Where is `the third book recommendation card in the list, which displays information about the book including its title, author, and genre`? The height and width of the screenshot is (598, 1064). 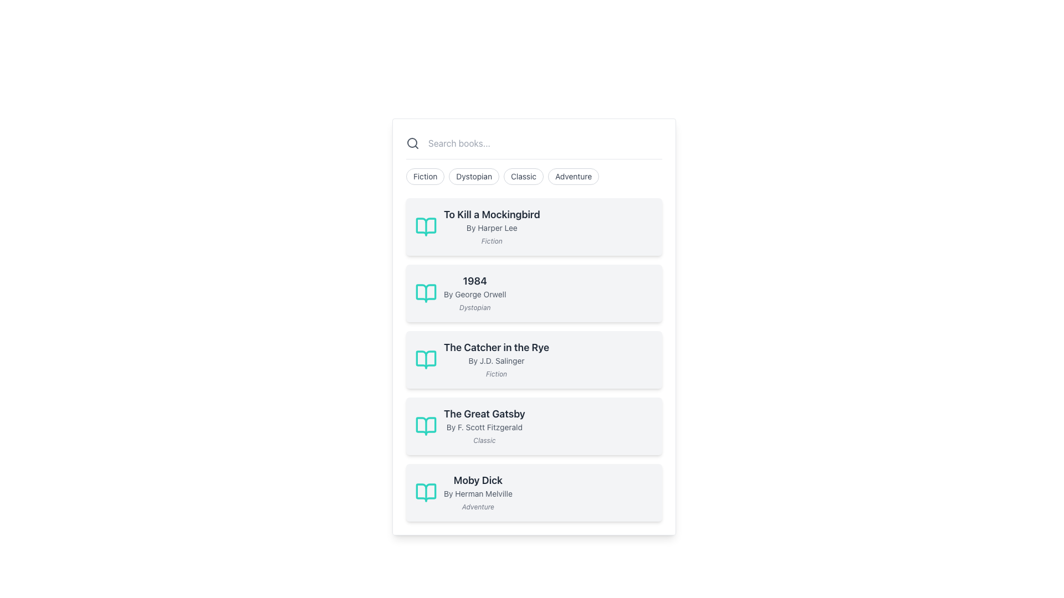
the third book recommendation card in the list, which displays information about the book including its title, author, and genre is located at coordinates (534, 360).